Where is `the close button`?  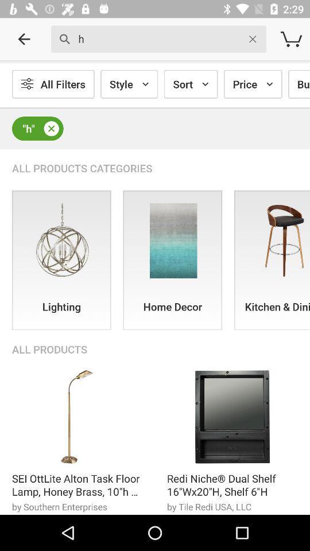 the close button is located at coordinates (51, 129).